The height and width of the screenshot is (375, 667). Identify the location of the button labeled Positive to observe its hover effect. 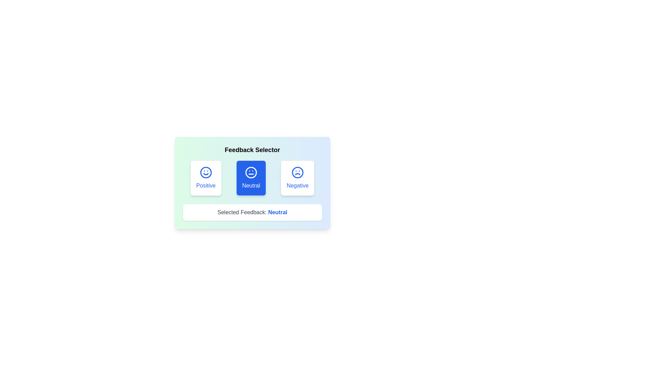
(205, 178).